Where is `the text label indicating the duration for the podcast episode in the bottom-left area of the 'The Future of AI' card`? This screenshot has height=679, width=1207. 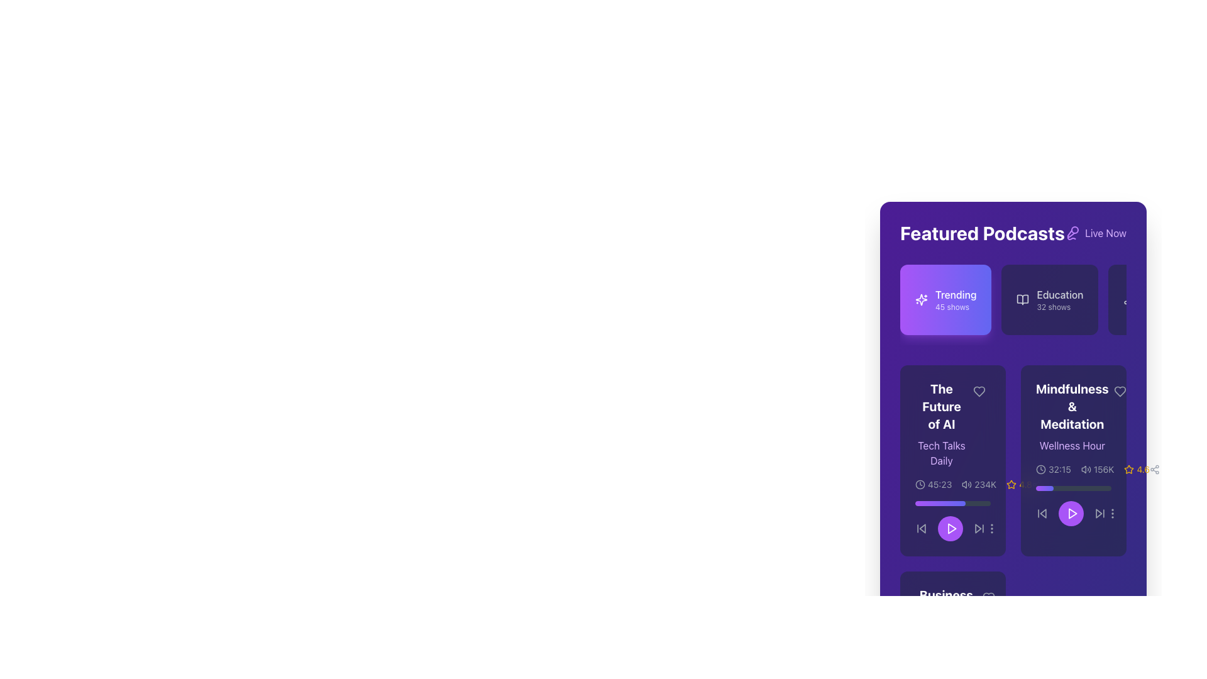 the text label indicating the duration for the podcast episode in the bottom-left area of the 'The Future of AI' card is located at coordinates (940, 484).